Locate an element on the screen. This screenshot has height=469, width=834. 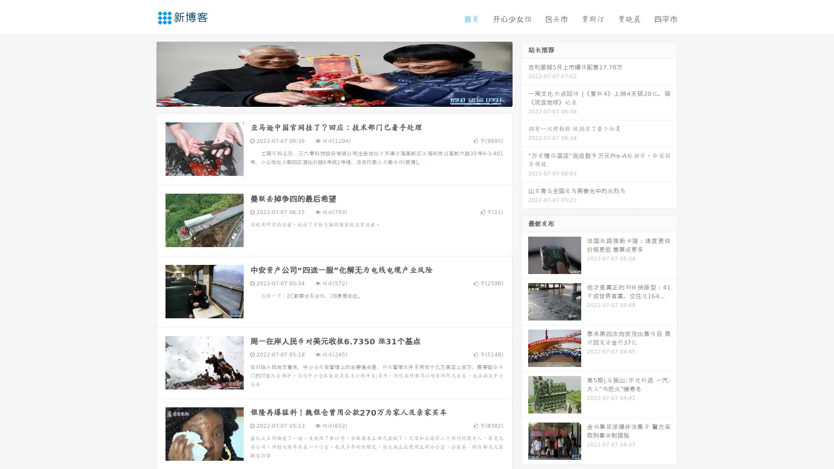
Go to slide 2 is located at coordinates (334, 98).